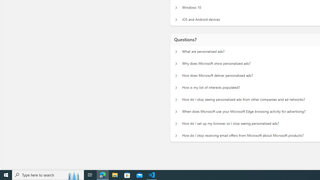  What do you see at coordinates (176, 51) in the screenshot?
I see `'Questions? What are personalized ads?'` at bounding box center [176, 51].